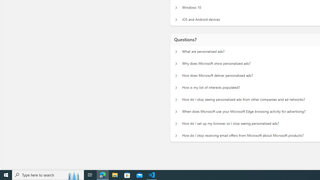  What do you see at coordinates (176, 51) in the screenshot?
I see `'Questions? What are personalized ads?'` at bounding box center [176, 51].